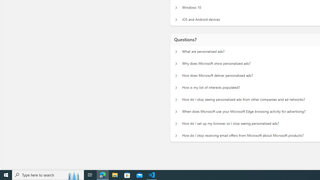  What do you see at coordinates (176, 51) in the screenshot?
I see `'Questions? What are personalized ads?'` at bounding box center [176, 51].